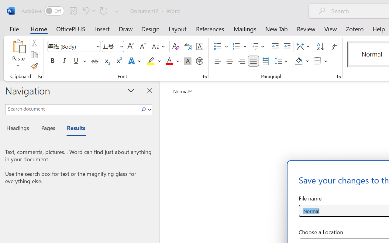 This screenshot has height=243, width=389. I want to click on 'Sort...', so click(320, 46).